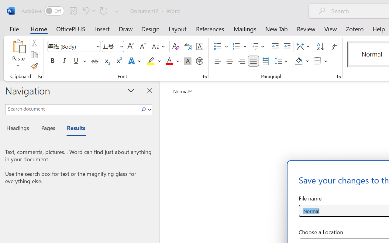 This screenshot has height=243, width=389. I want to click on 'Sort...', so click(320, 46).